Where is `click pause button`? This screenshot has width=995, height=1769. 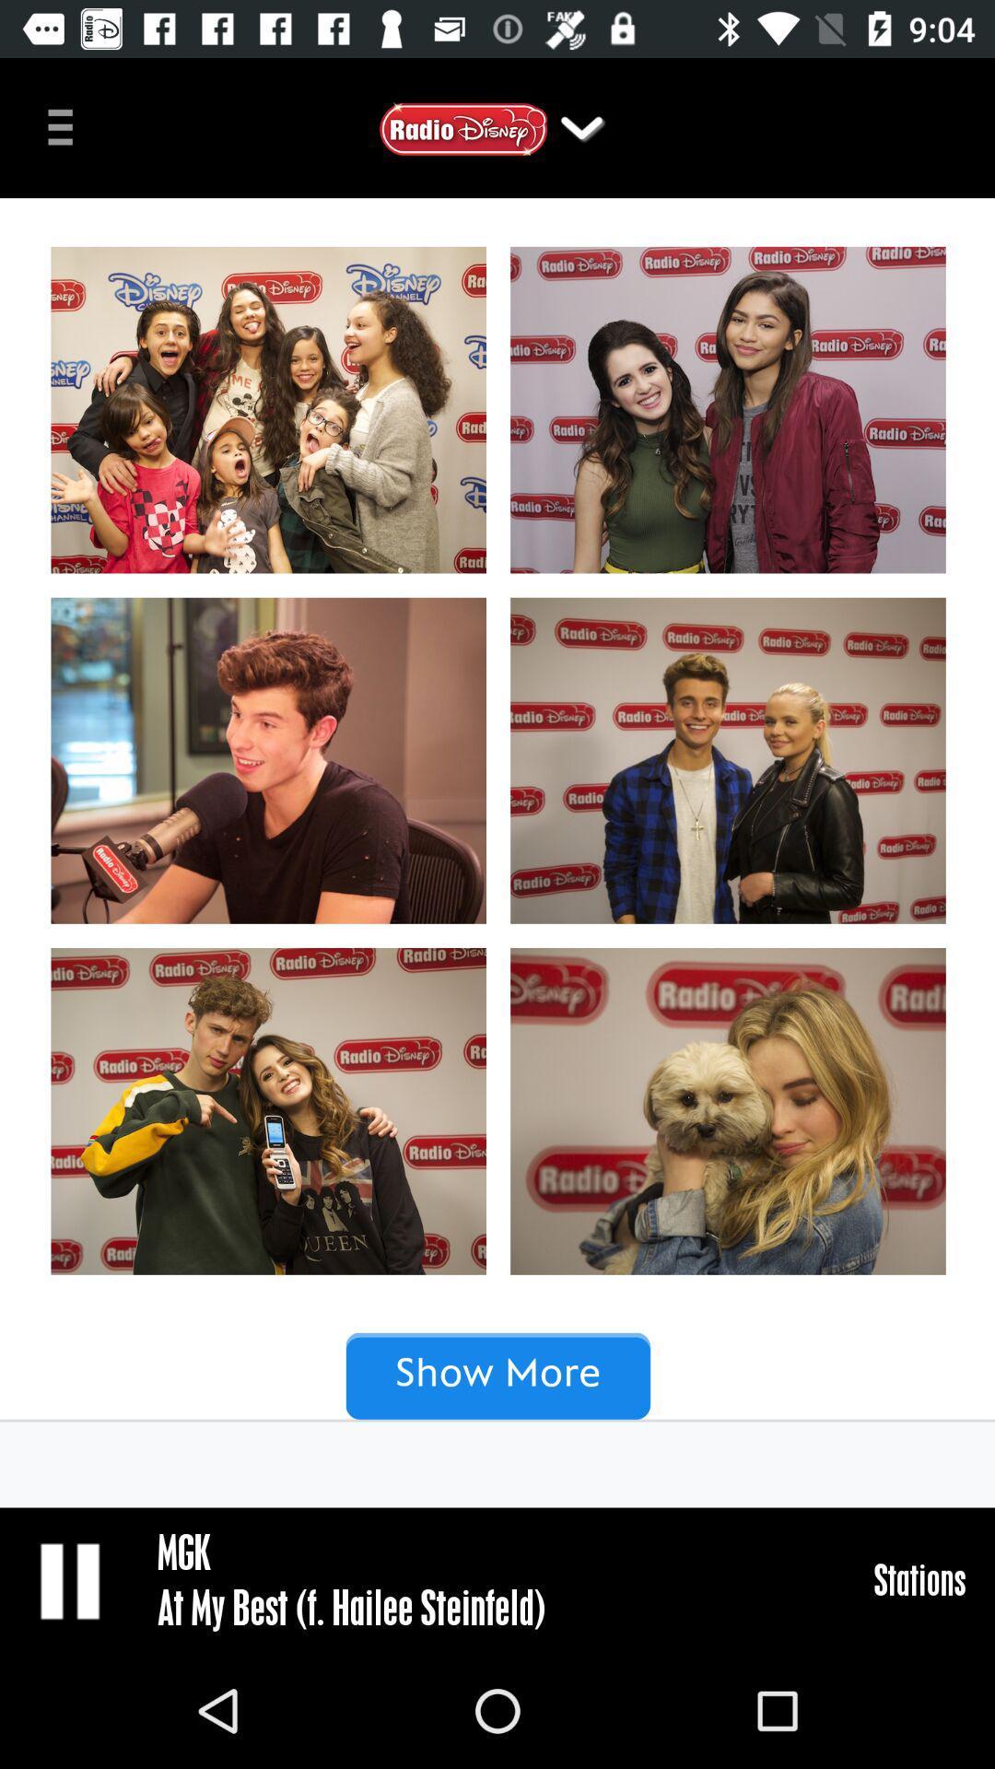 click pause button is located at coordinates (71, 1579).